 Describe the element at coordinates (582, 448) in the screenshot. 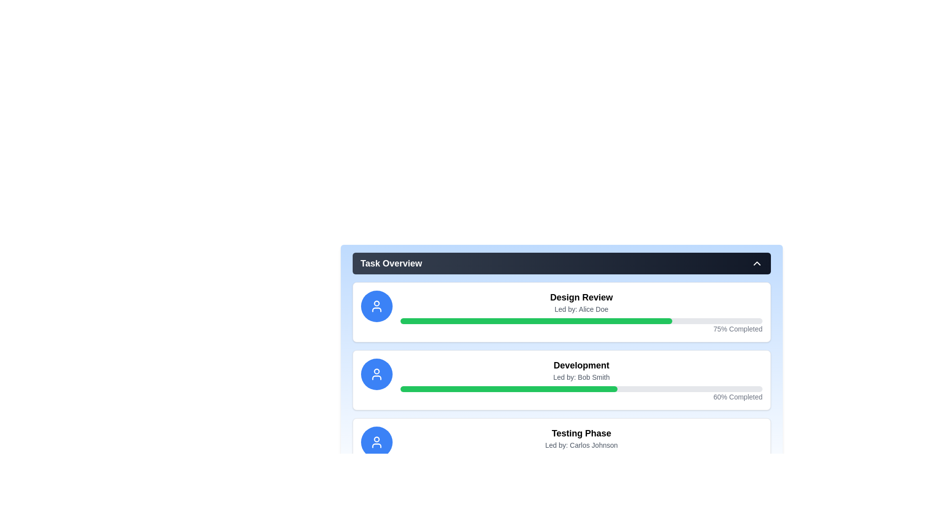

I see `'Testing Phase' text block with embedded progress indicator that shows '85% Completed' and is associated with Carlos Johnson` at that location.